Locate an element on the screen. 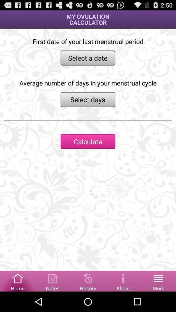 The width and height of the screenshot is (176, 312). go home is located at coordinates (18, 280).